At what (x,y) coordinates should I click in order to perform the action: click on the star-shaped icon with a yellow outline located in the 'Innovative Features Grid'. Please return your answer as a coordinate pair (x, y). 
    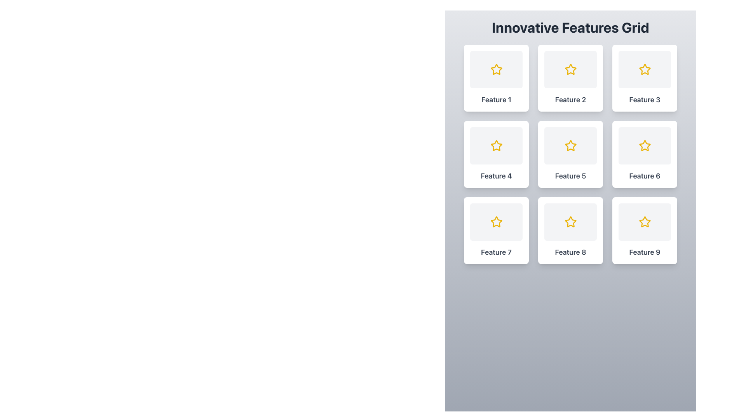
    Looking at the image, I should click on (645, 145).